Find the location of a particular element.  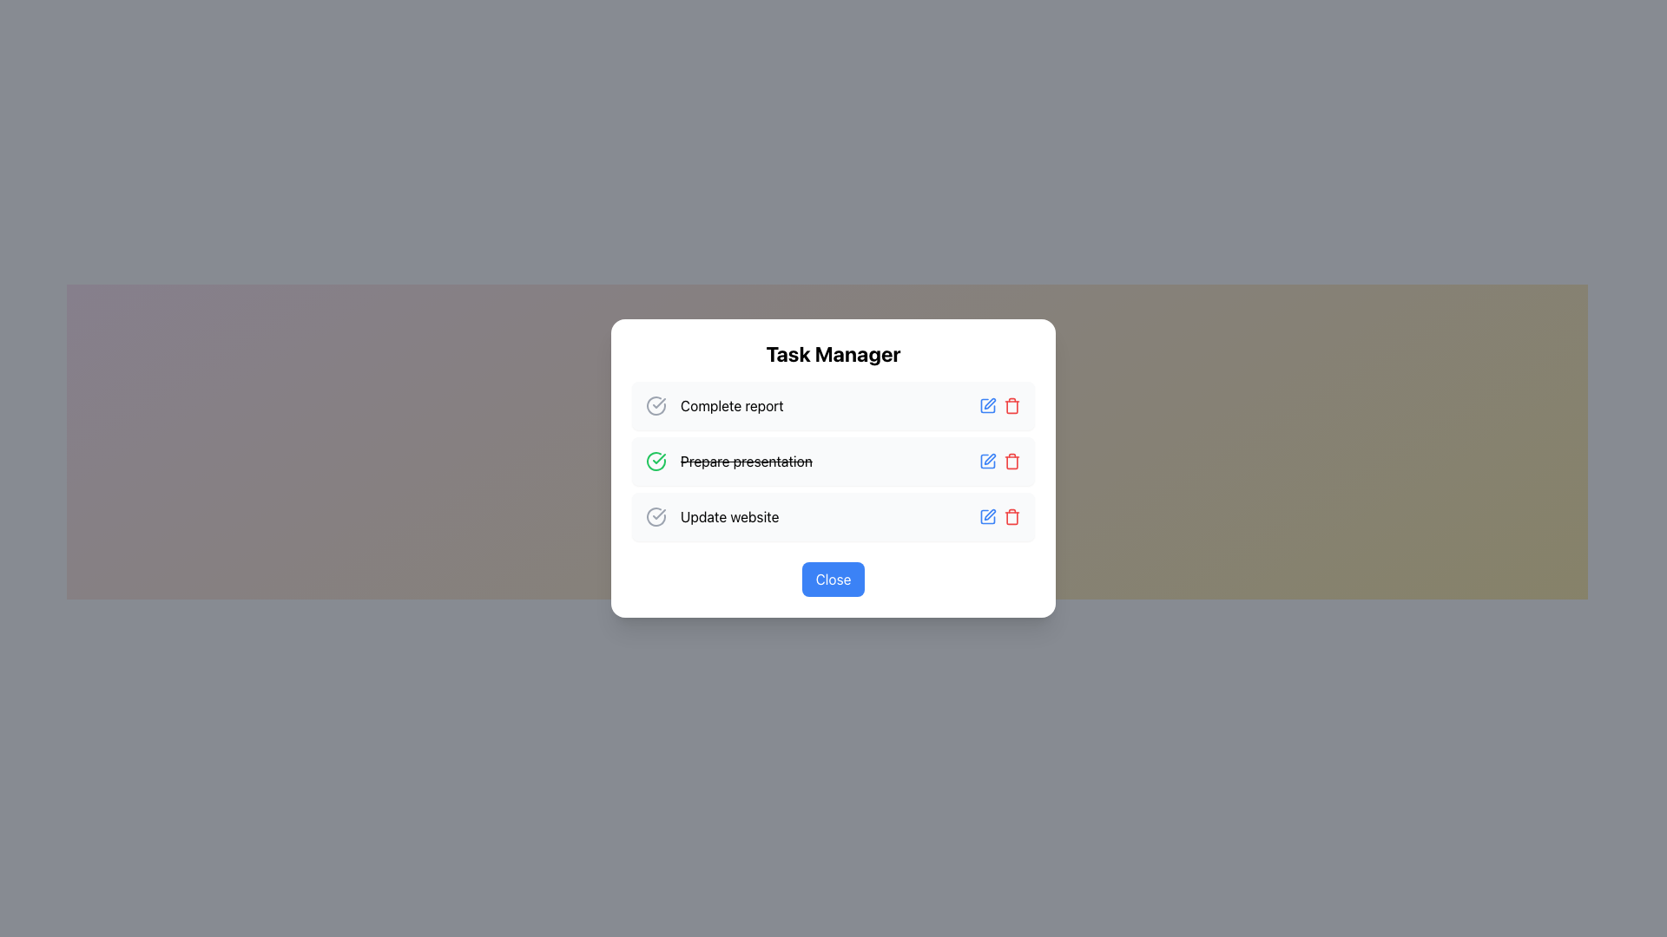

the Text Label with Icon located in the third row under the 'Task Manager' heading inside a modal, which follows the 'Prepare presentation' element is located at coordinates (712, 516).